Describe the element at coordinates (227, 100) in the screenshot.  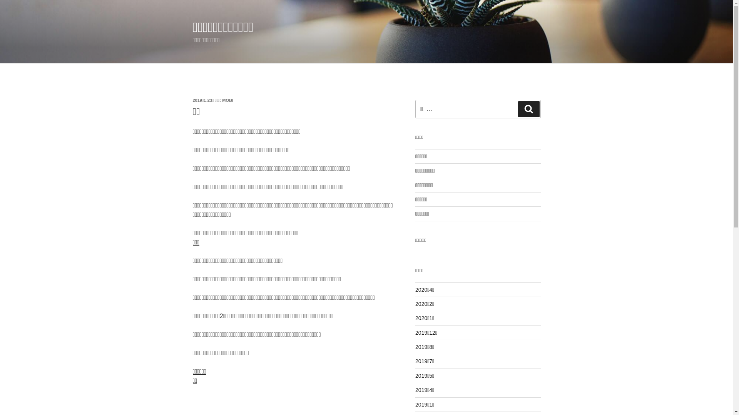
I see `'MOBI'` at that location.